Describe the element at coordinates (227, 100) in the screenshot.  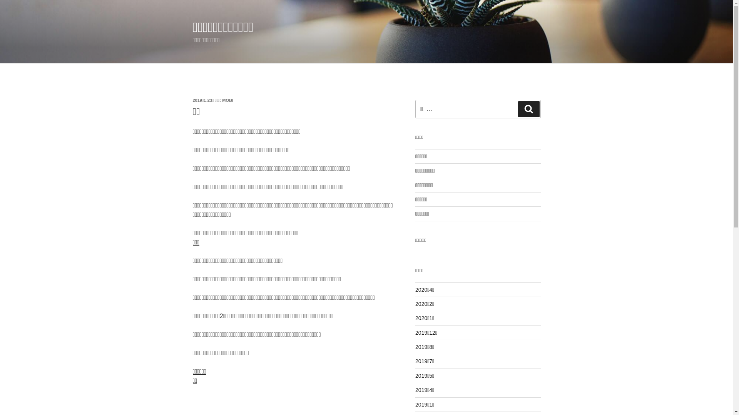
I see `'MOBI'` at that location.